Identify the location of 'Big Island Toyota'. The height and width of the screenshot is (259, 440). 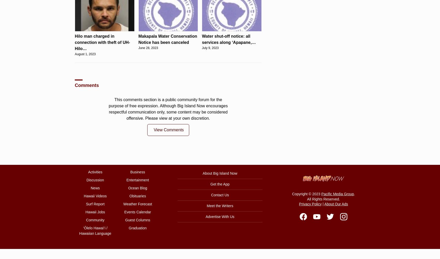
(234, 68).